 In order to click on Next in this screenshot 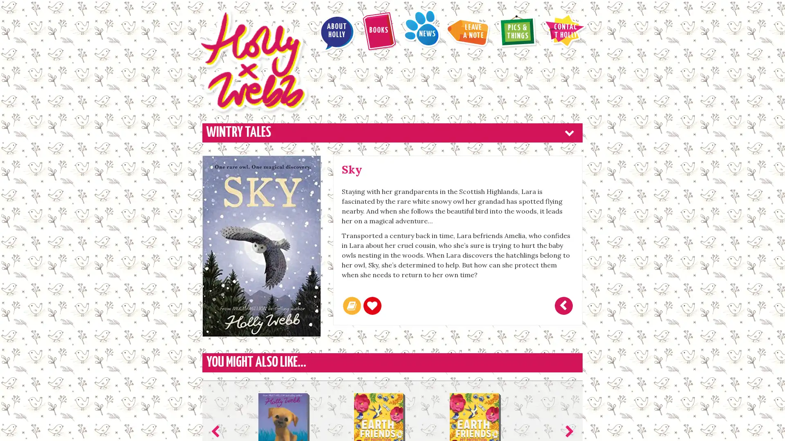, I will do `click(567, 370)`.